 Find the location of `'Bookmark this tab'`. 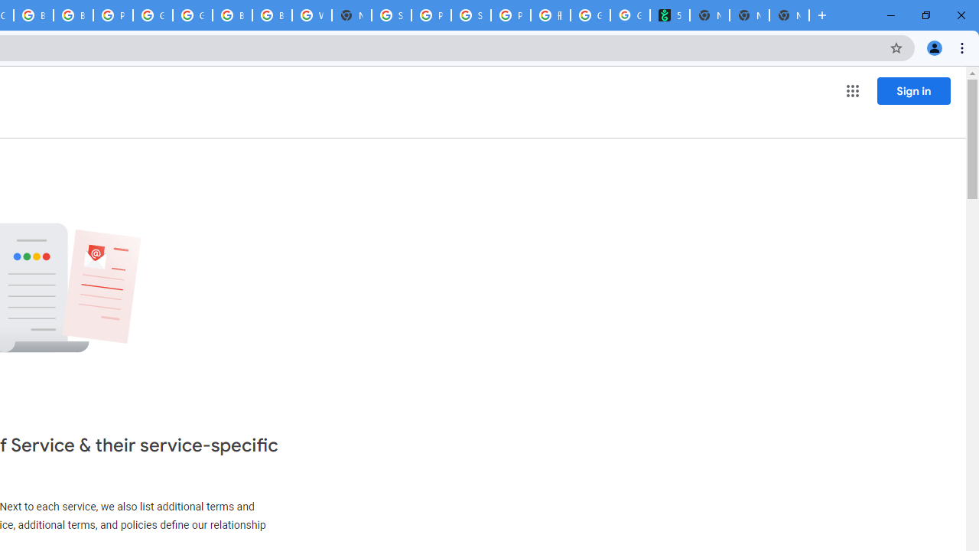

'Bookmark this tab' is located at coordinates (896, 47).